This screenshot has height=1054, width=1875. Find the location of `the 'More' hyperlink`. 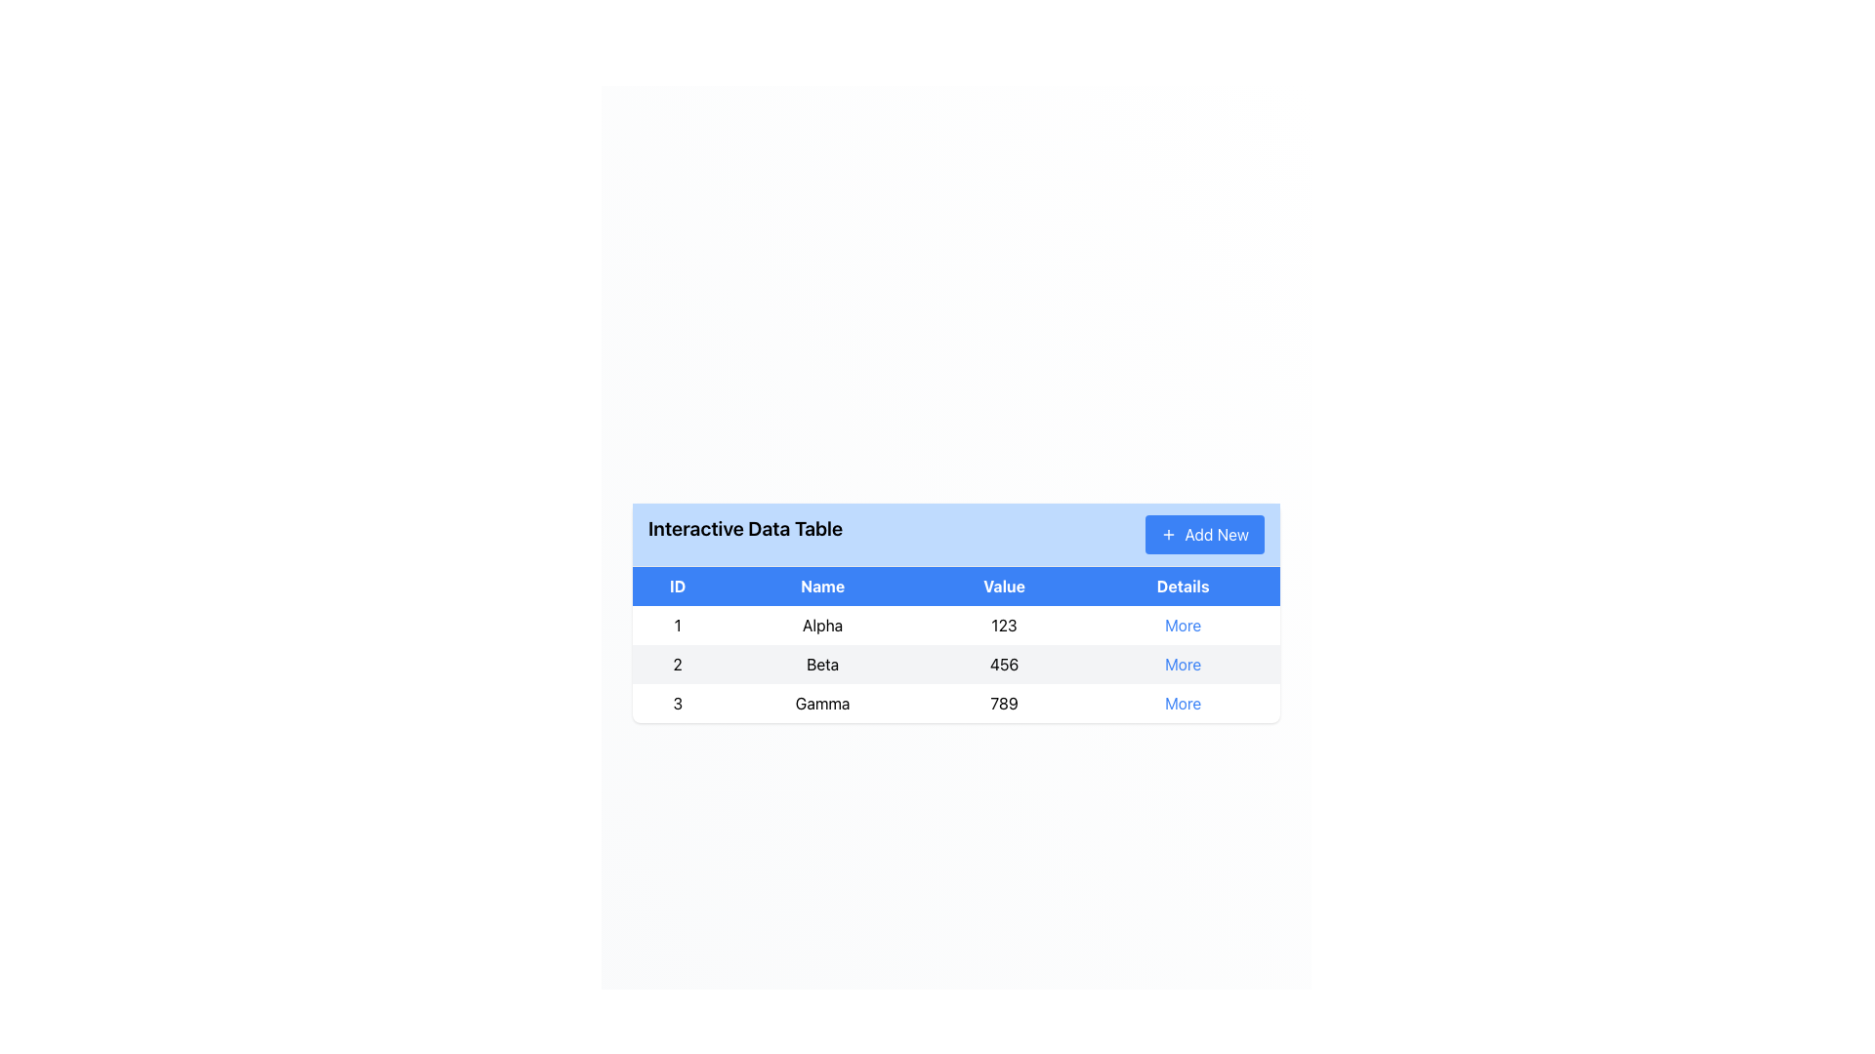

the 'More' hyperlink is located at coordinates (1182, 663).